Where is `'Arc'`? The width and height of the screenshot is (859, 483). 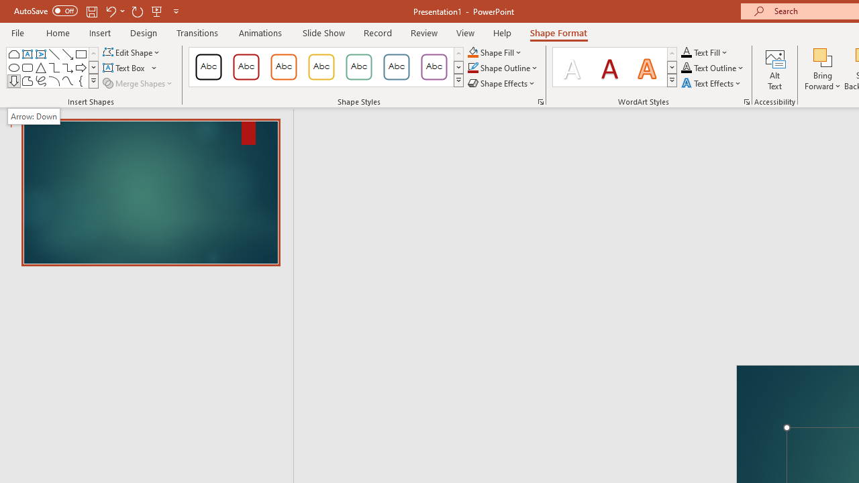
'Arc' is located at coordinates (54, 80).